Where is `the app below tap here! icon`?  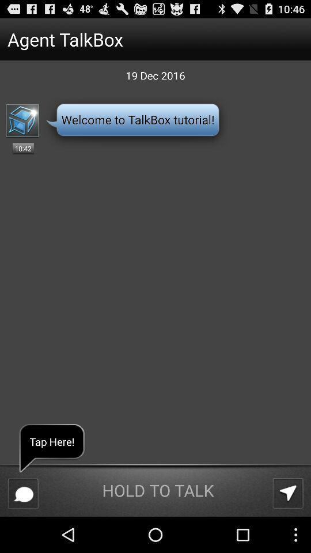
the app below tap here! icon is located at coordinates (23, 493).